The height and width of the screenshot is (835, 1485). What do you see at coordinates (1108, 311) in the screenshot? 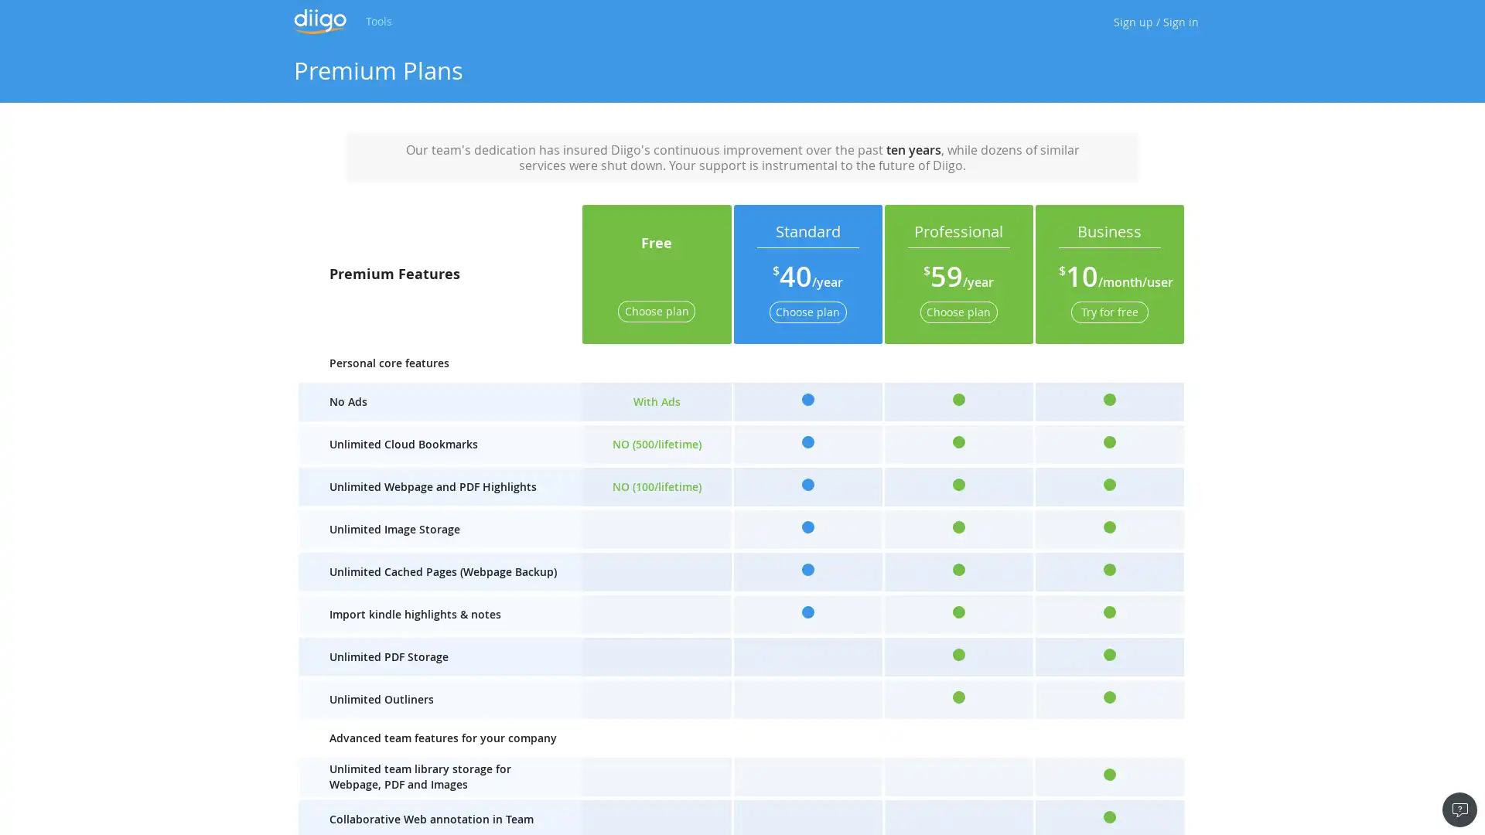
I see `Try for free` at bounding box center [1108, 311].